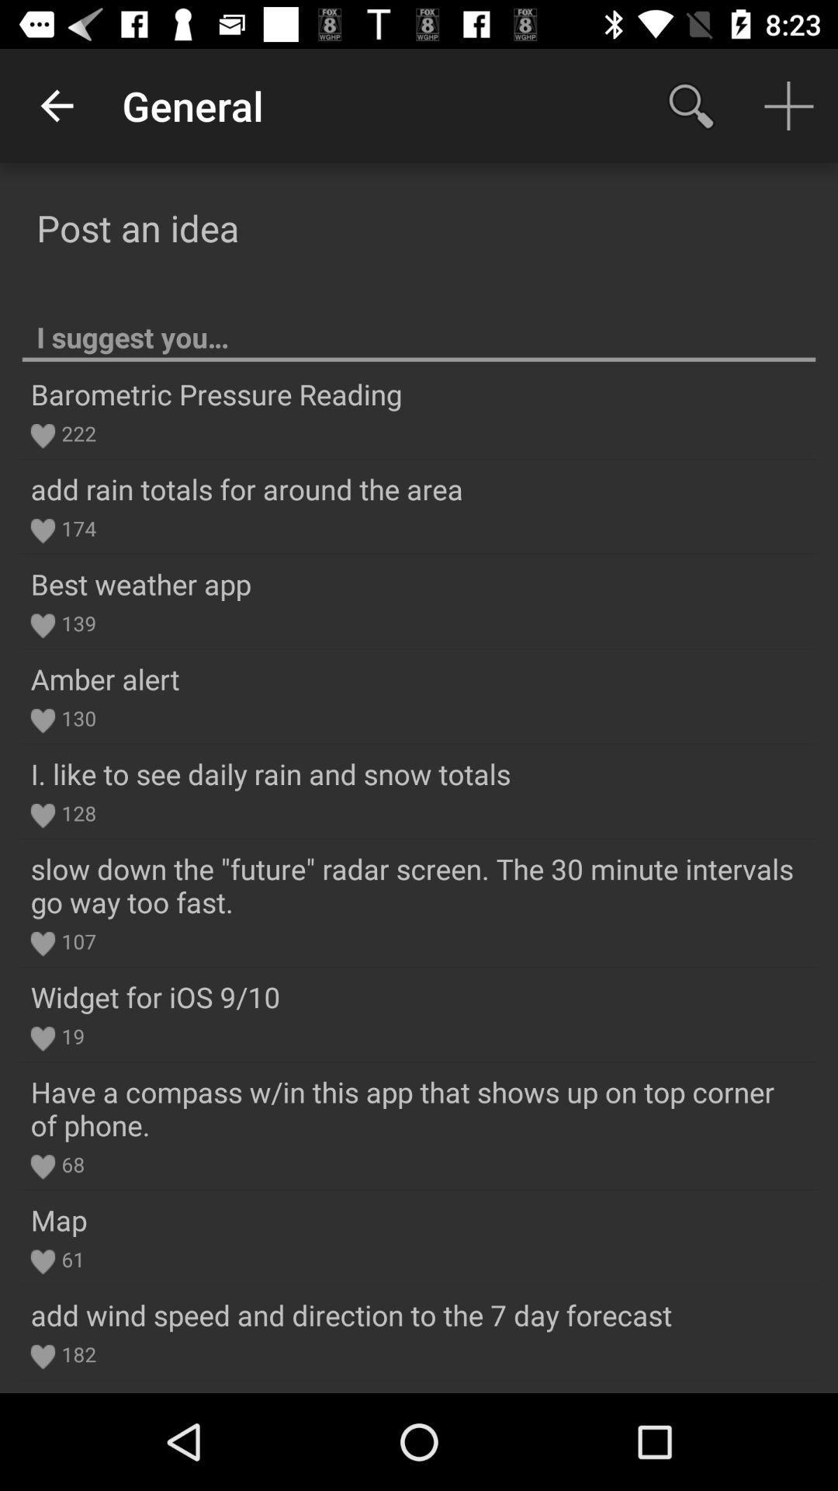 This screenshot has height=1491, width=838. Describe the element at coordinates (691, 106) in the screenshot. I see `the search icon` at that location.